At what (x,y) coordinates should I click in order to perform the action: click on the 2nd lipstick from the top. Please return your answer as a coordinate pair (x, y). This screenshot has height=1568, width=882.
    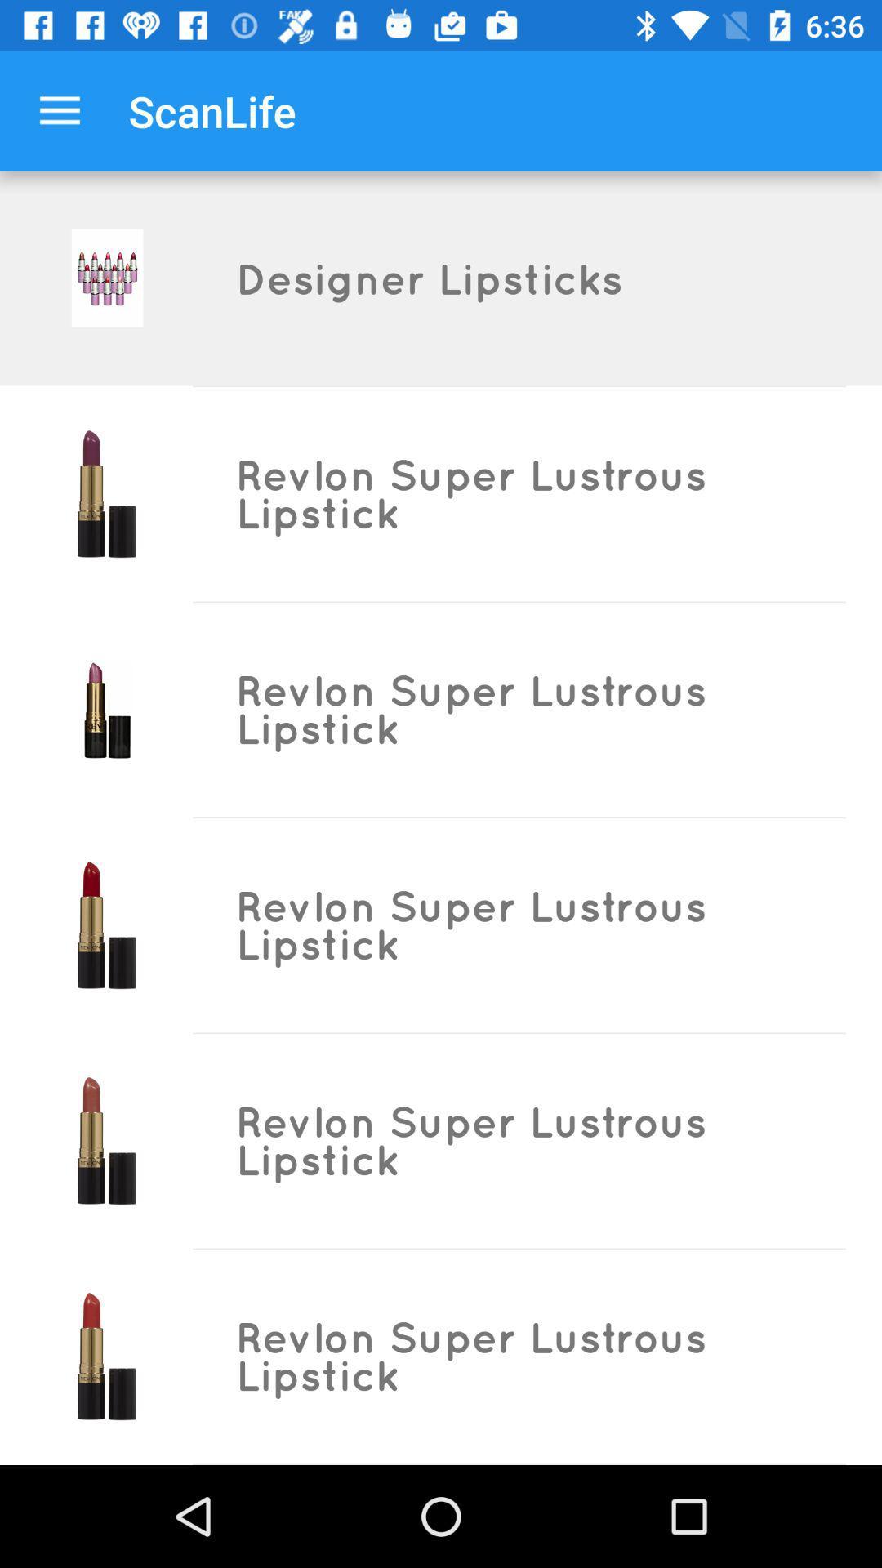
    Looking at the image, I should click on (107, 709).